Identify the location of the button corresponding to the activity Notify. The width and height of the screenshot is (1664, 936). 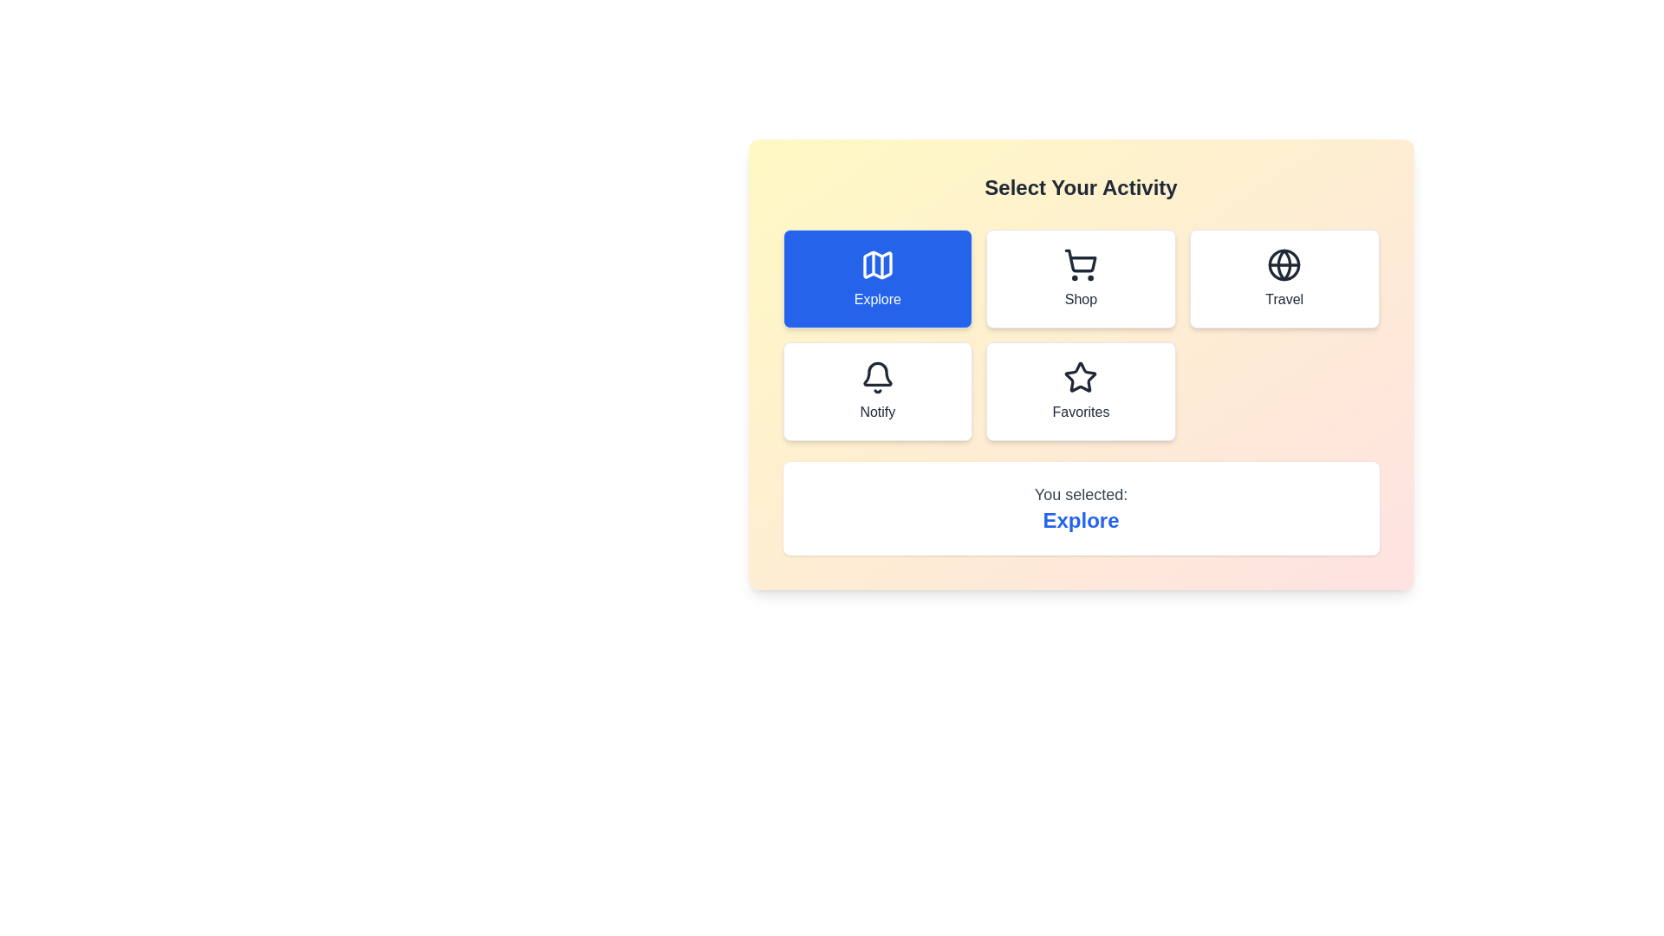
(877, 391).